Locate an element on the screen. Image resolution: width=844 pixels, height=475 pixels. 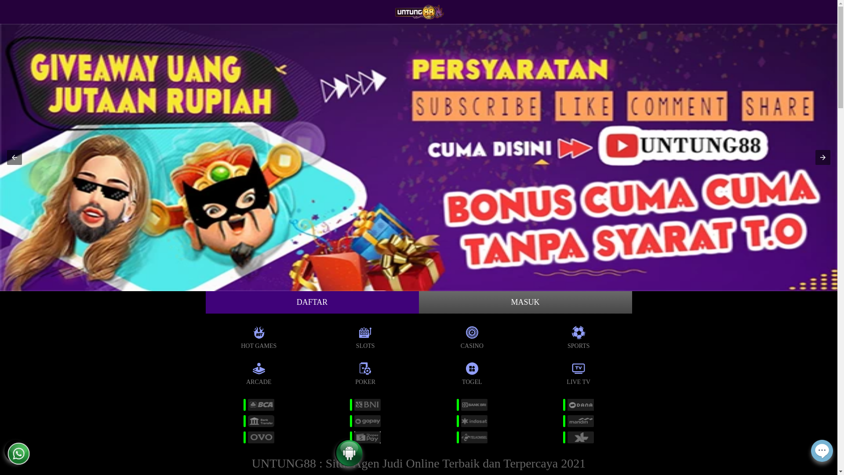
'HOT GAMES' is located at coordinates (258, 336).